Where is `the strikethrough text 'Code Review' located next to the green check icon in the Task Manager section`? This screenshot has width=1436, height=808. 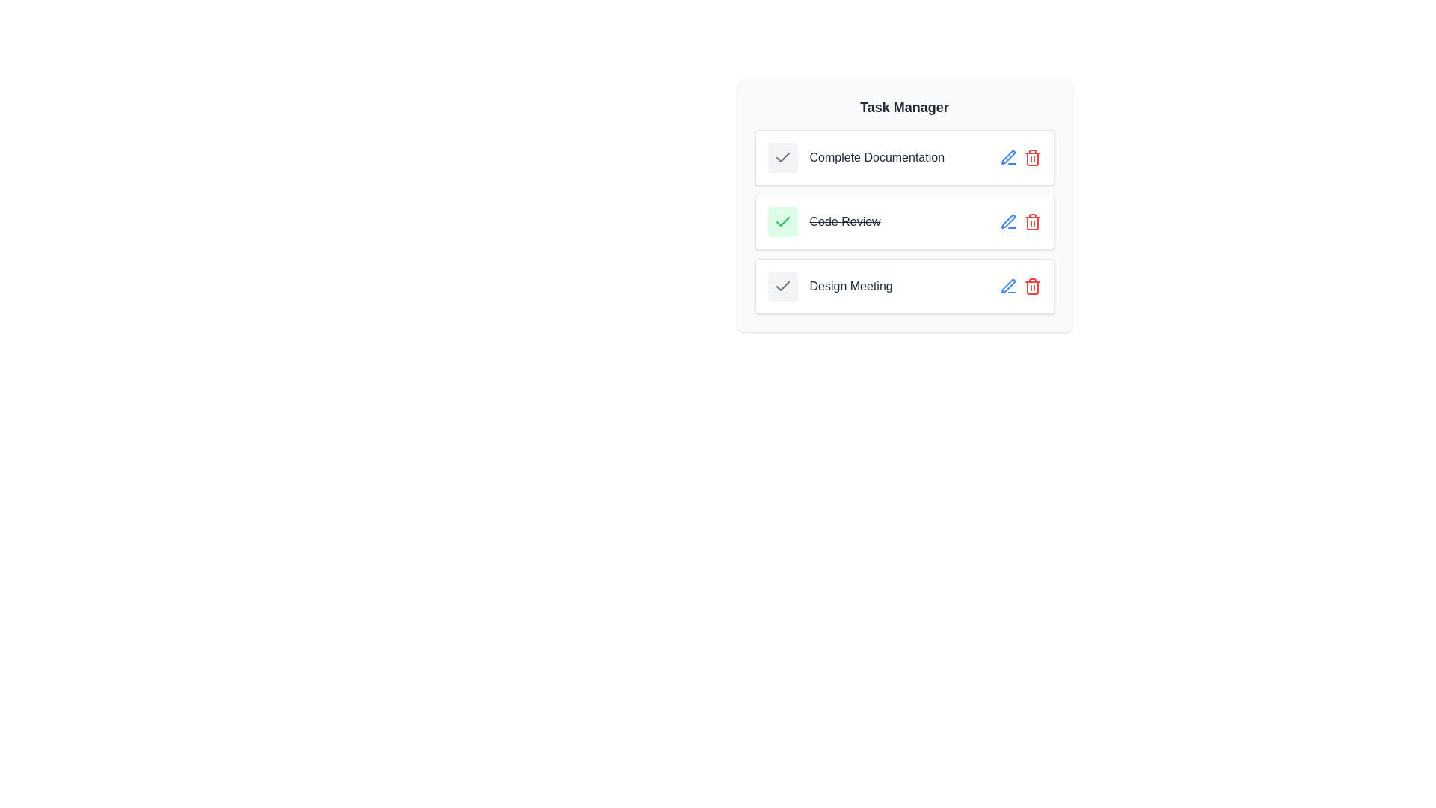 the strikethrough text 'Code Review' located next to the green check icon in the Task Manager section is located at coordinates (823, 222).